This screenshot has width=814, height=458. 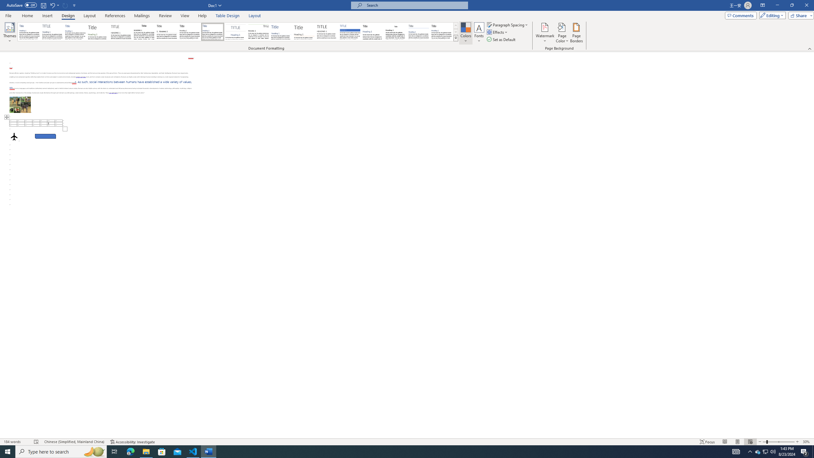 I want to click on 'Word', so click(x=372, y=31).